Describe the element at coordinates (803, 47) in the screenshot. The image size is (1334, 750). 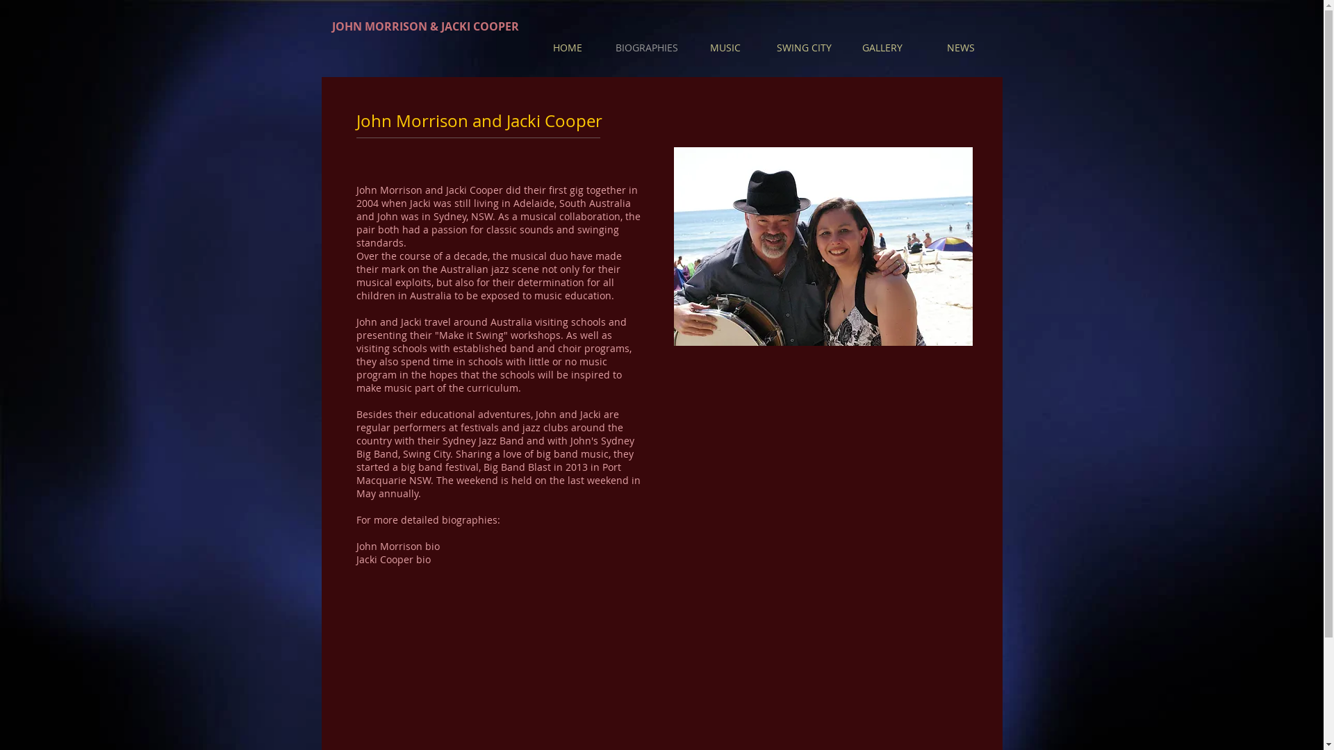
I see `'SWING CITY'` at that location.